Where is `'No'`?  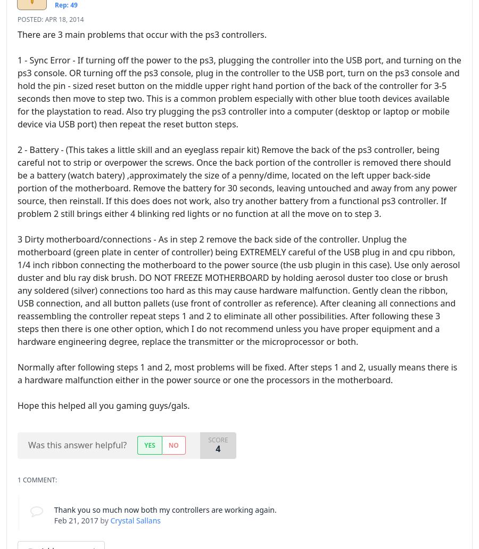
'No' is located at coordinates (167, 444).